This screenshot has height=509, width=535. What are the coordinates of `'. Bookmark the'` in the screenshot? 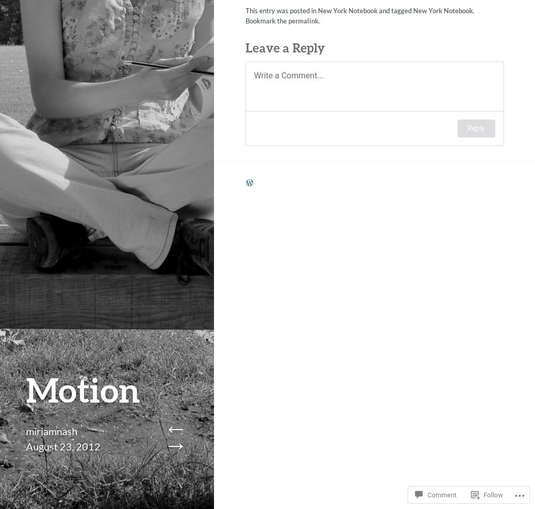 It's located at (359, 13).